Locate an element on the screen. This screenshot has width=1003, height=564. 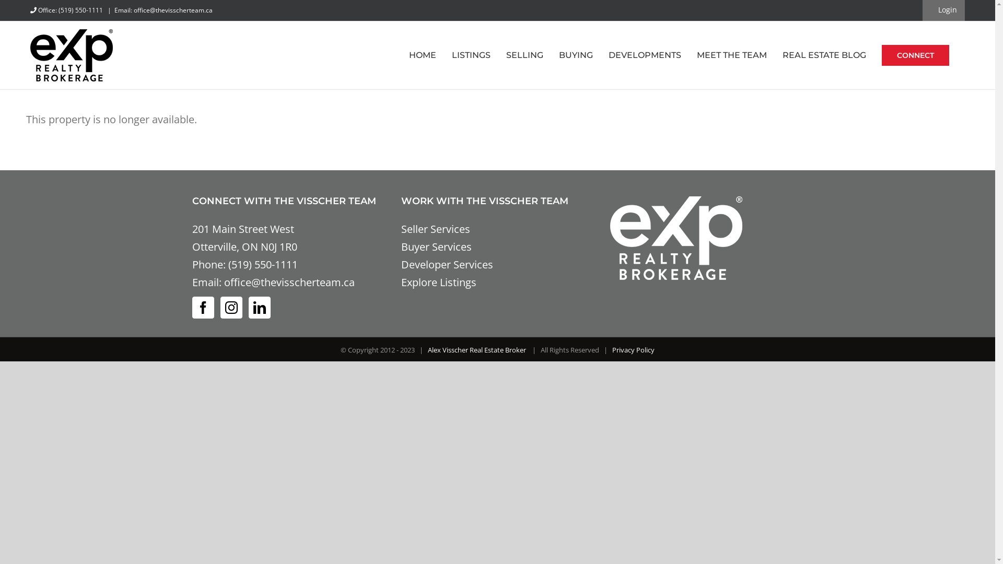
'LinkedIn' is located at coordinates (260, 307).